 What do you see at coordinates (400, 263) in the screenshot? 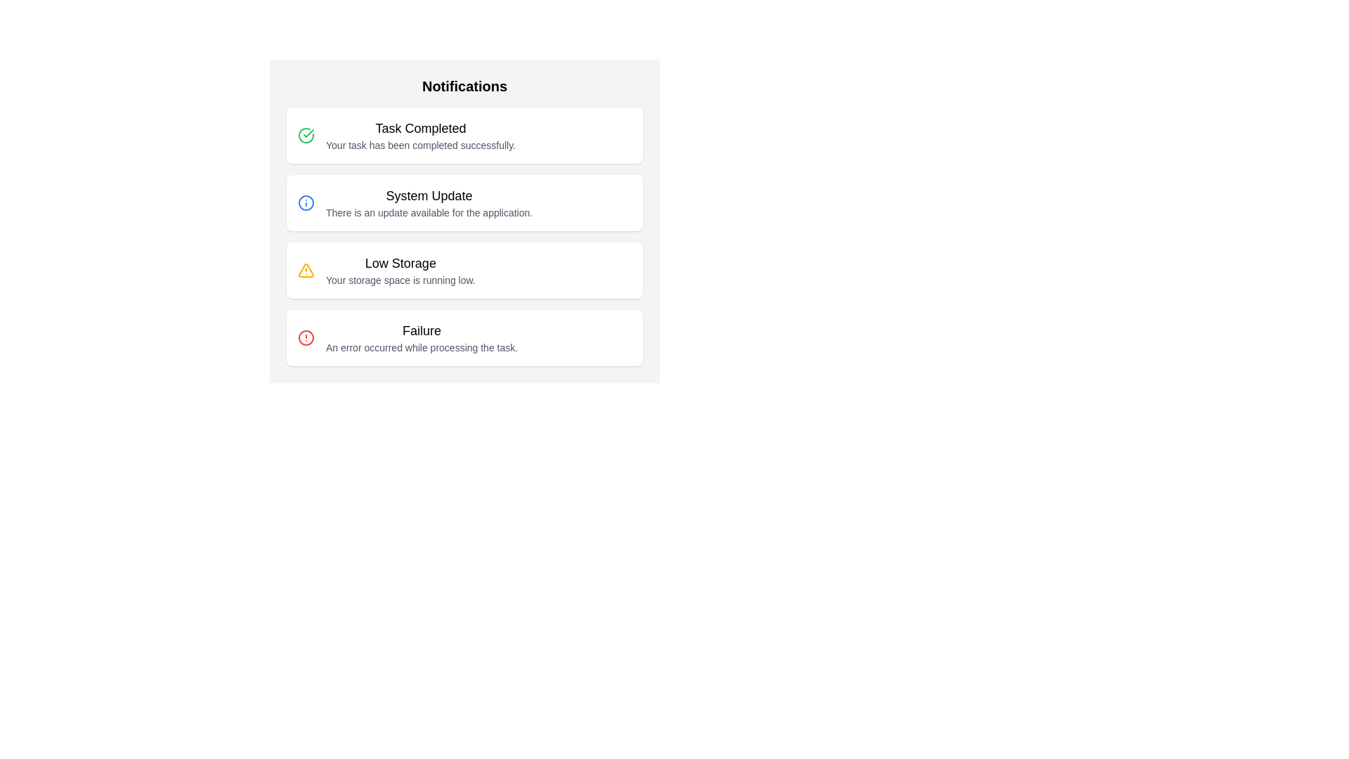
I see `the 'Low Storage' heading in the third notification card, which is displayed in a larger and bolder font at the top of the card, indicating a warning about storage space` at bounding box center [400, 263].